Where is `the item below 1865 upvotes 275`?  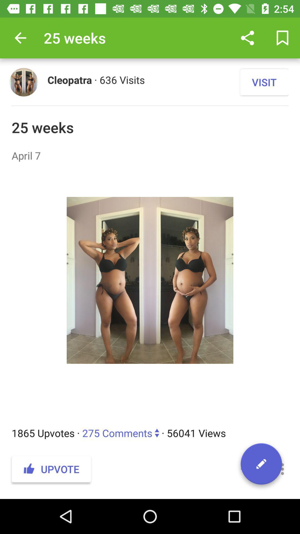 the item below 1865 upvotes 275 is located at coordinates (282, 469).